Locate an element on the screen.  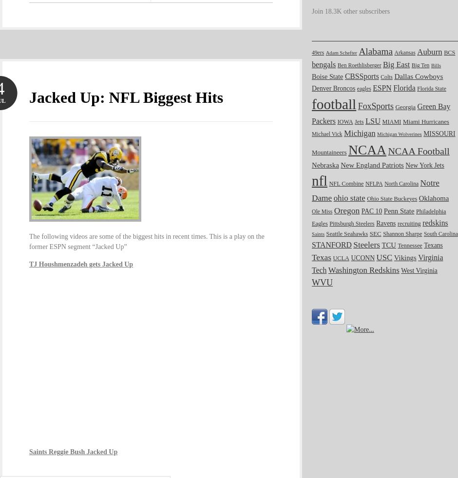
'NFL Combine' is located at coordinates (346, 183).